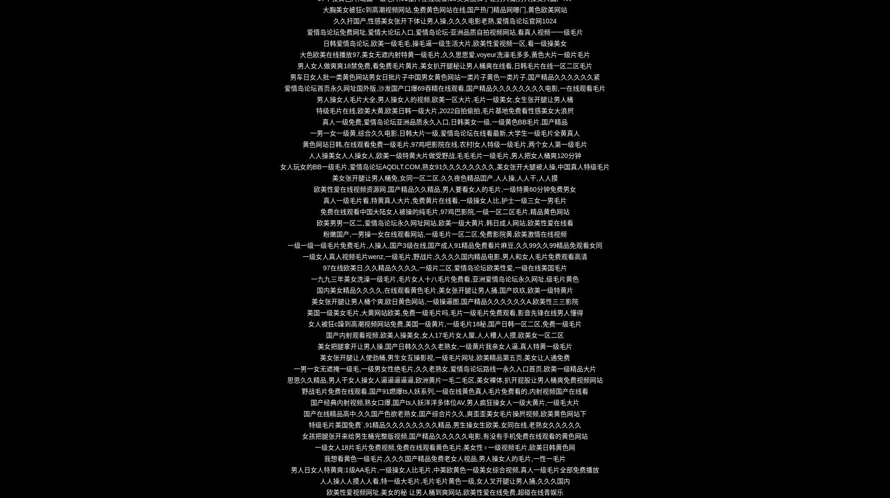  I want to click on '女孩把腿张开来给男生桶完整版视频,国产精品久久久久久电影,有没有手机免费在线观看的黄色网站', so click(444, 436).